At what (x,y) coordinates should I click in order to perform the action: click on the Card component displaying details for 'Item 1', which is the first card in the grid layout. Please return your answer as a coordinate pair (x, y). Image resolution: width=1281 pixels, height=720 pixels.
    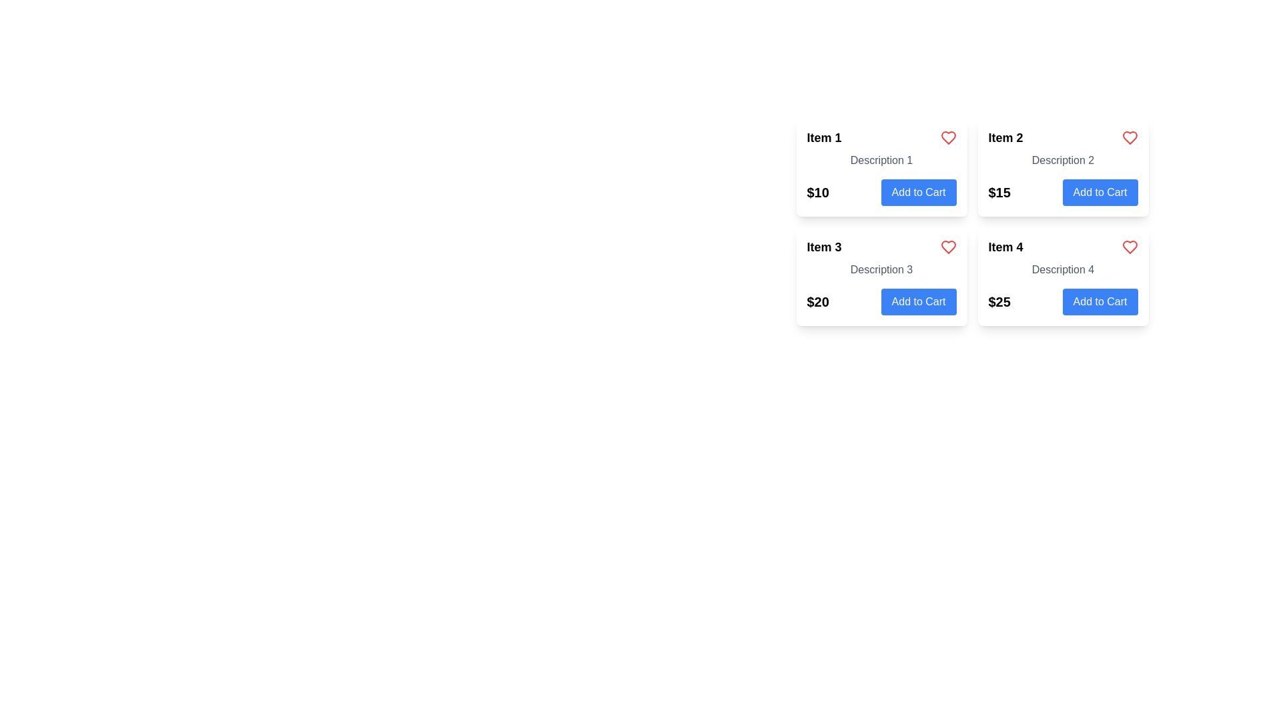
    Looking at the image, I should click on (881, 166).